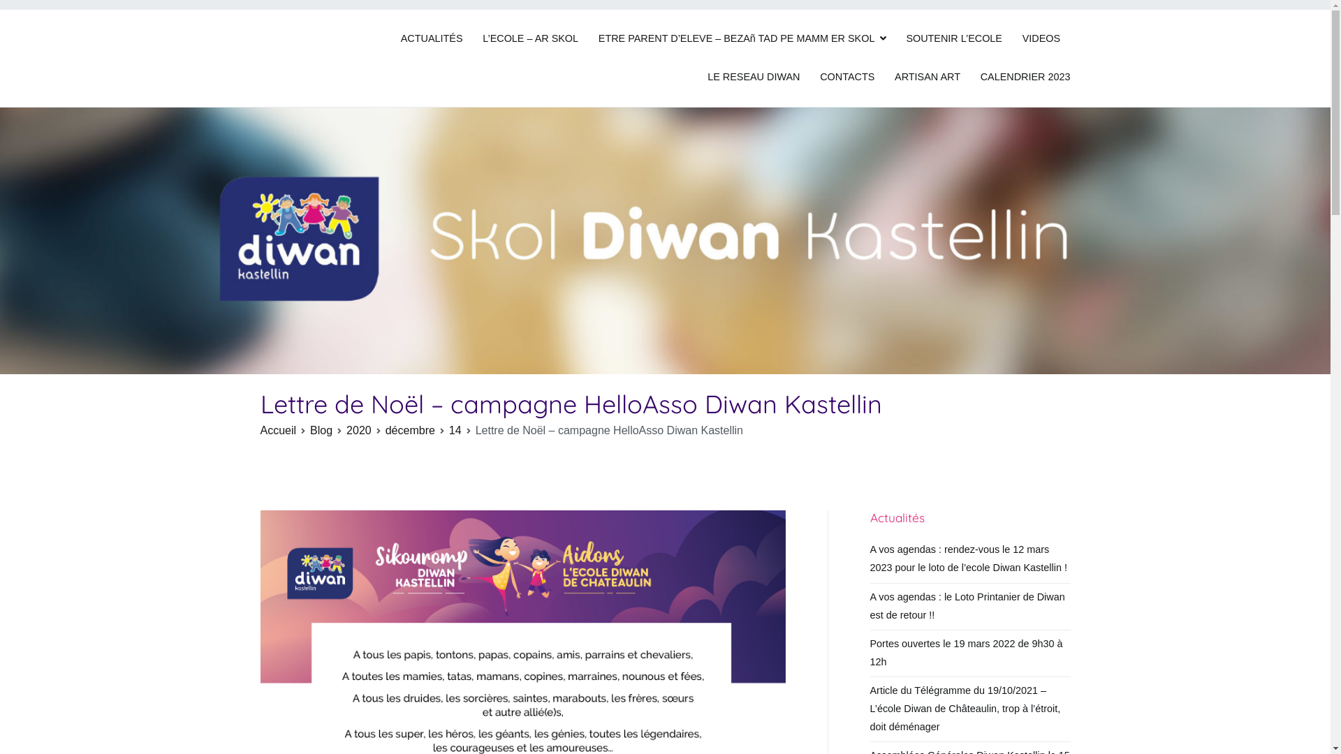  Describe the element at coordinates (895, 77) in the screenshot. I see `'ARTISAN ART'` at that location.